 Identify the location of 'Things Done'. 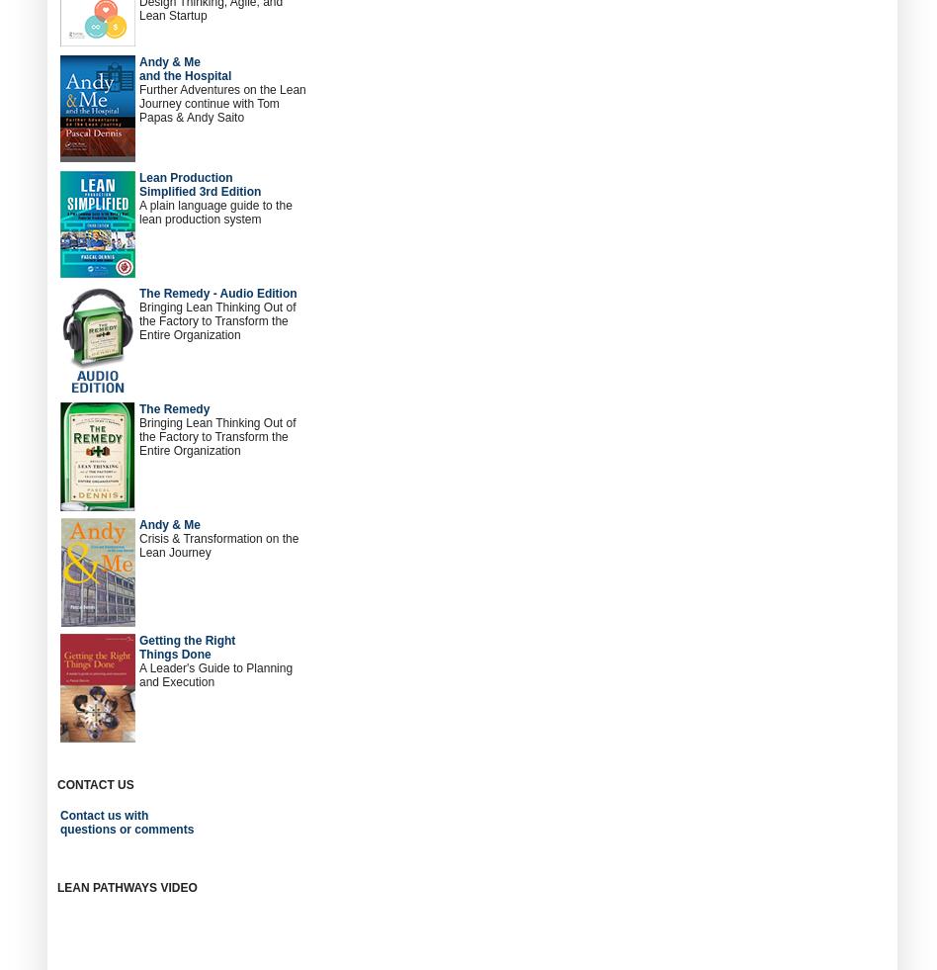
(173, 654).